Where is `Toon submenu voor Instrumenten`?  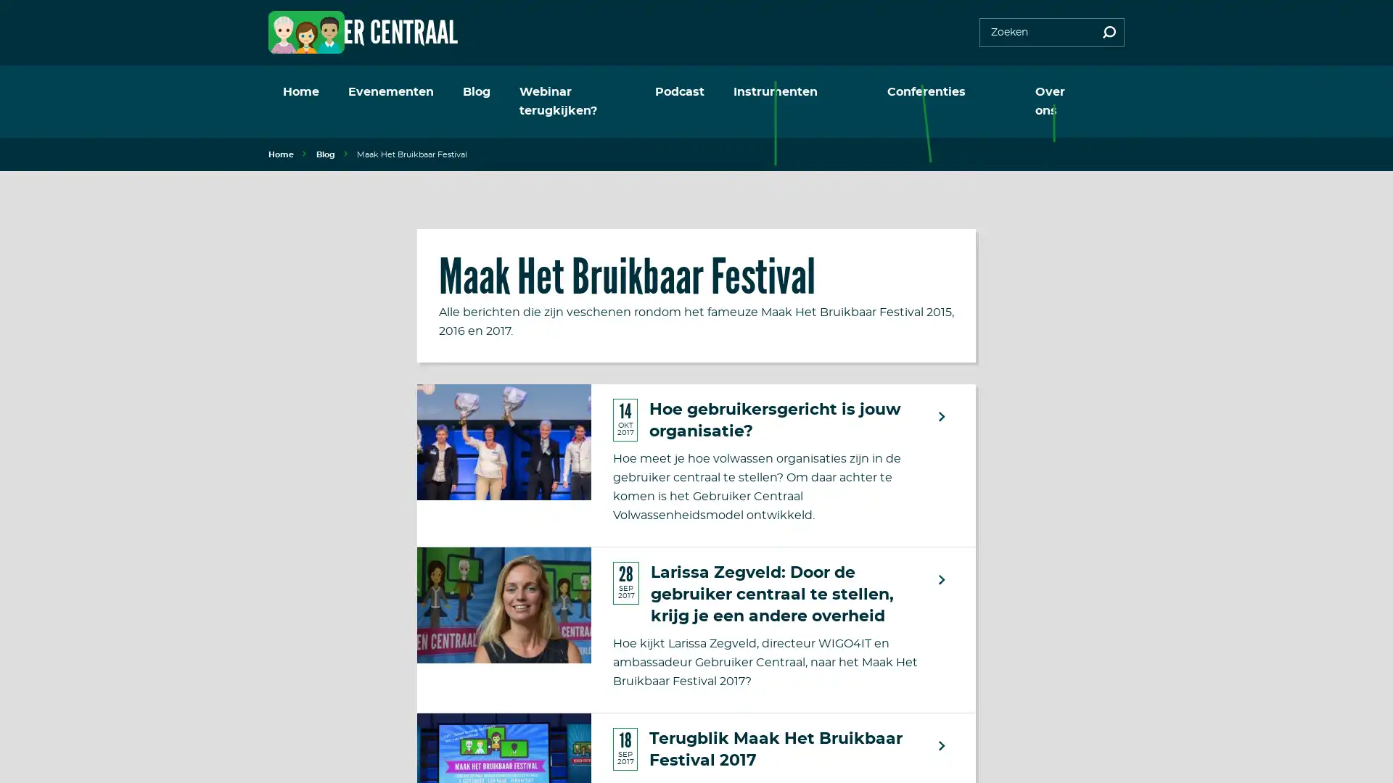 Toon submenu voor Instrumenten is located at coordinates (867, 92).